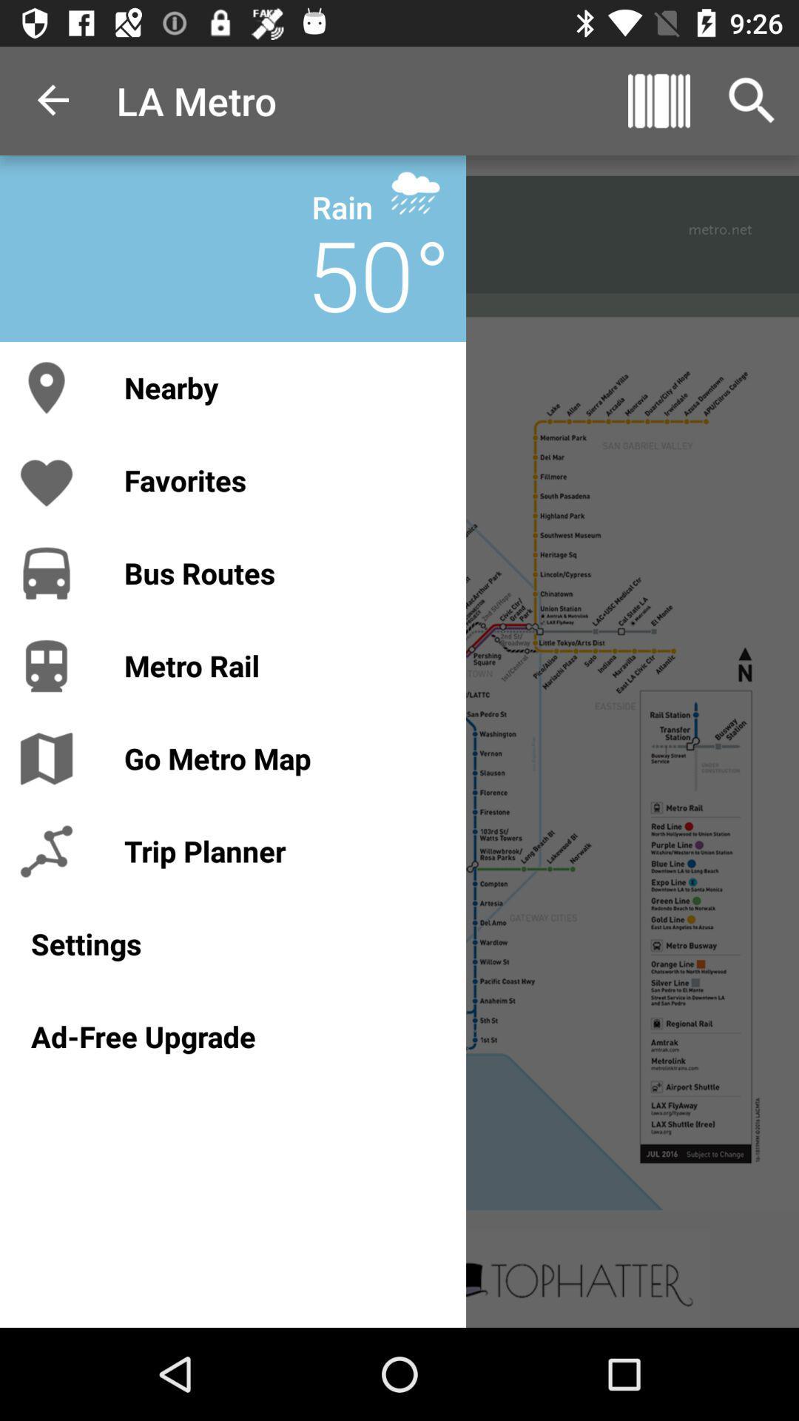 This screenshot has height=1421, width=799. I want to click on the item to the right of rain, so click(415, 192).